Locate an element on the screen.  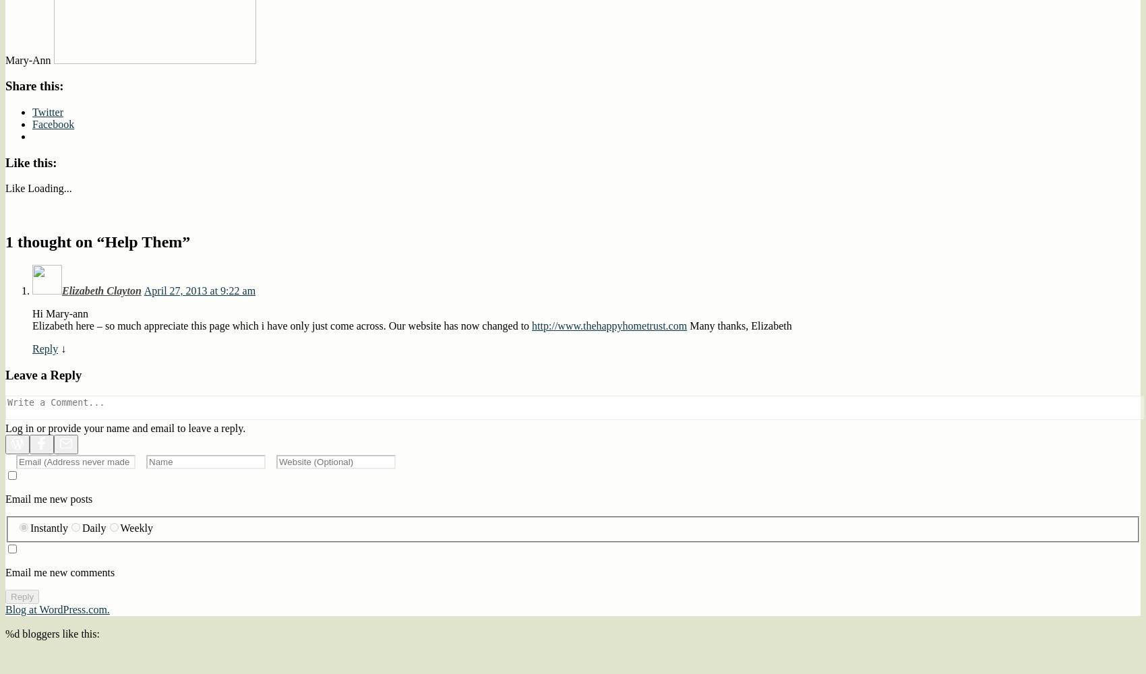
'Like this:' is located at coordinates (31, 161).